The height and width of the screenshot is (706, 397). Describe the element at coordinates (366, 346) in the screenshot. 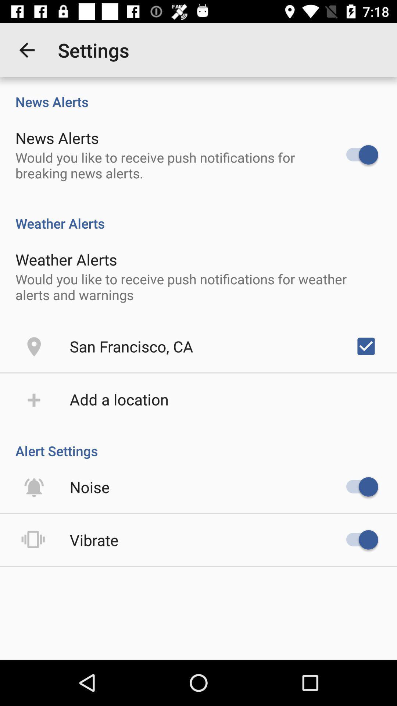

I see `the icon on the right` at that location.